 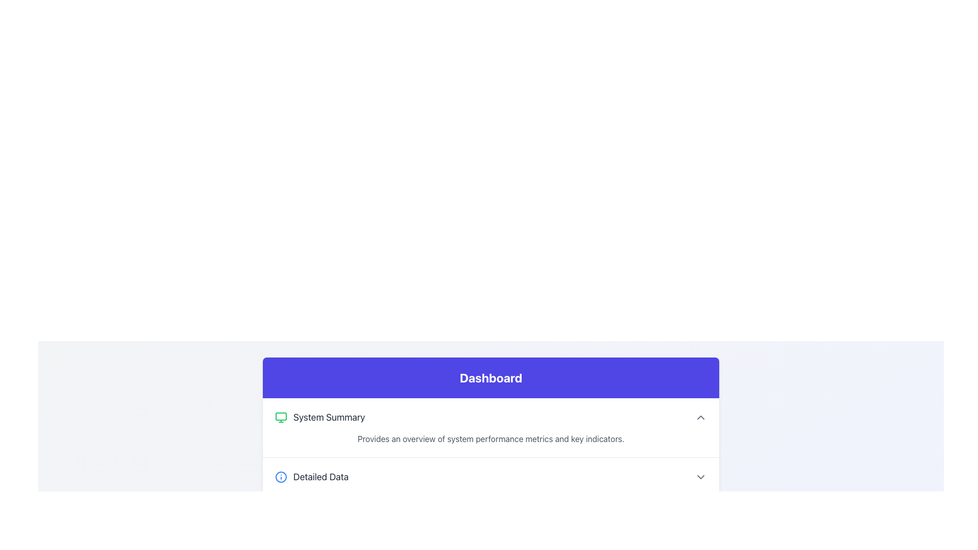 What do you see at coordinates (281, 418) in the screenshot?
I see `the active green monitor icon located on the leftmost side of the 'System Summary' section` at bounding box center [281, 418].